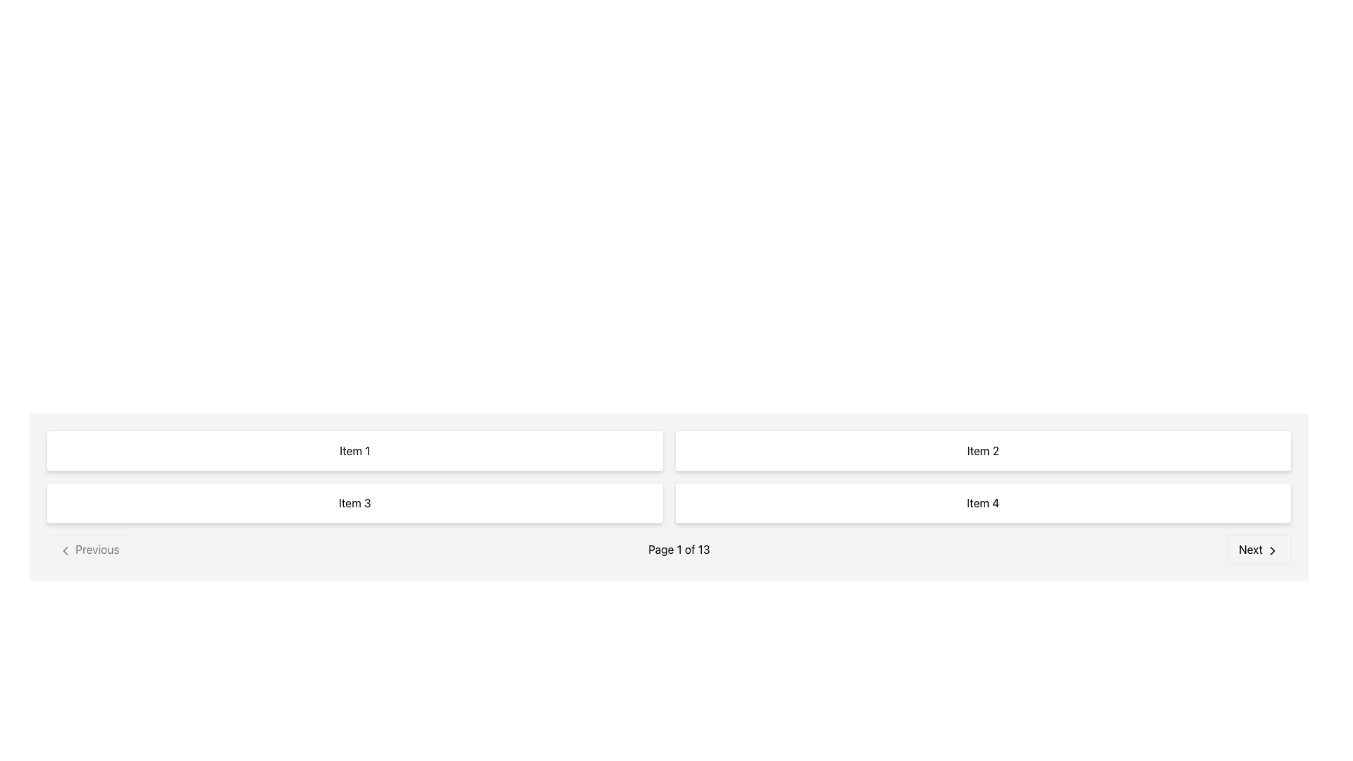 The height and width of the screenshot is (761, 1353). I want to click on the 'Next' button located at the far right of the pagination section, so click(1259, 548).